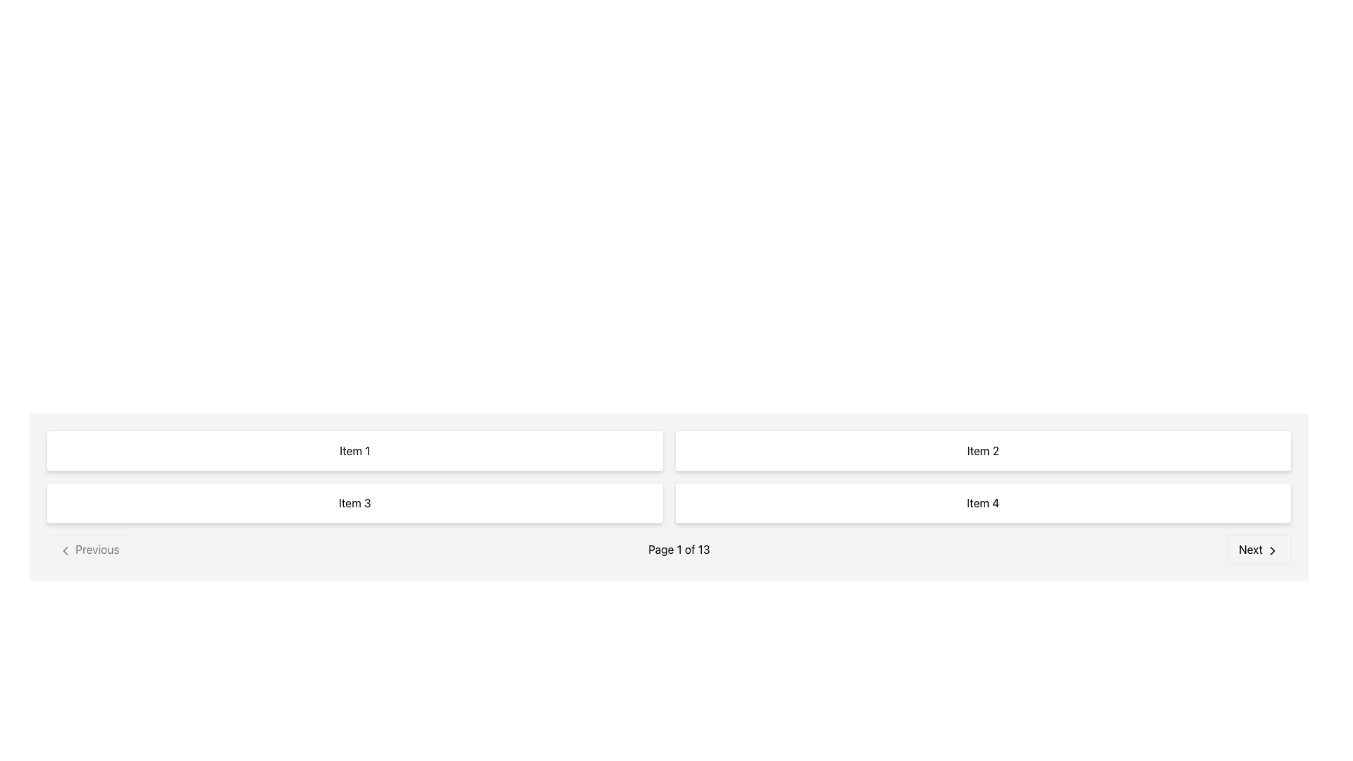 The height and width of the screenshot is (761, 1353). I want to click on the 'Next' button located at the far right of the pagination section, so click(1259, 548).